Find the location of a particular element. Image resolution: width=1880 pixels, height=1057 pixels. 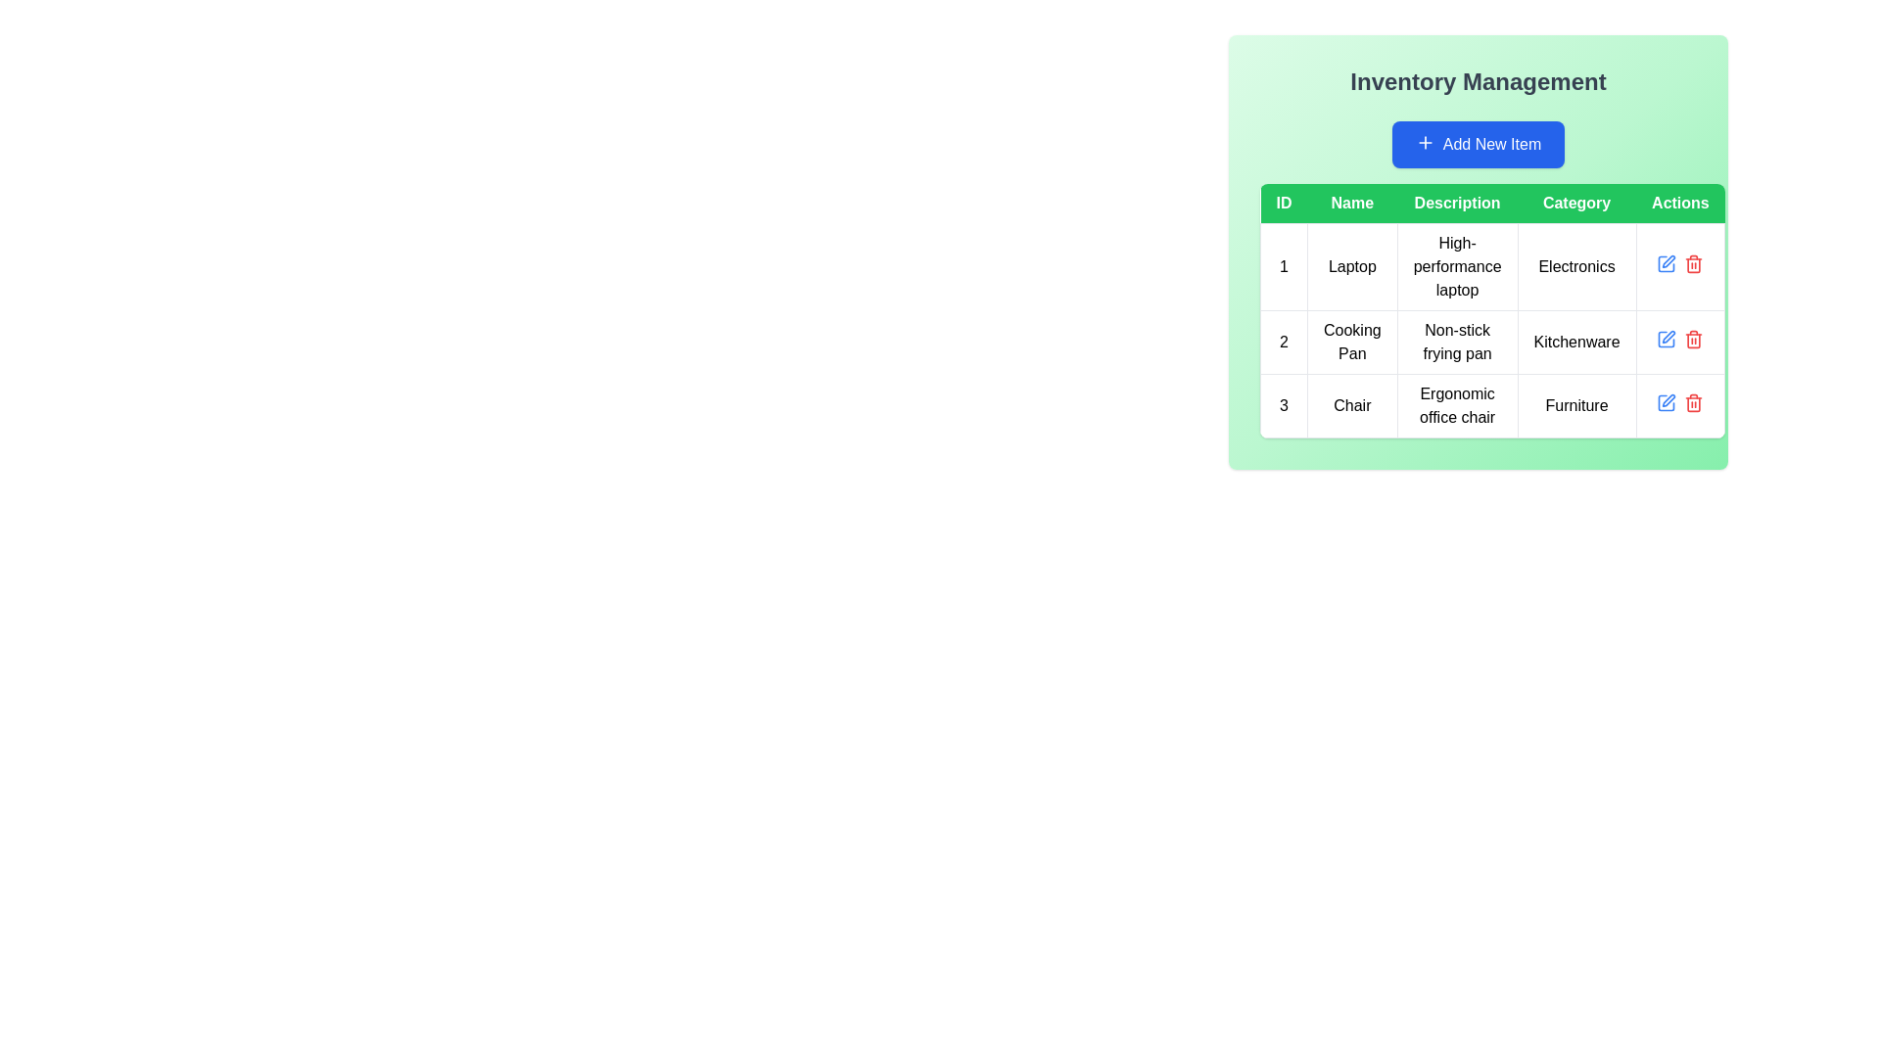

description text label located in the 'Description' column of the second row of the table, which describes the product 'Cooking Pan' is located at coordinates (1457, 342).